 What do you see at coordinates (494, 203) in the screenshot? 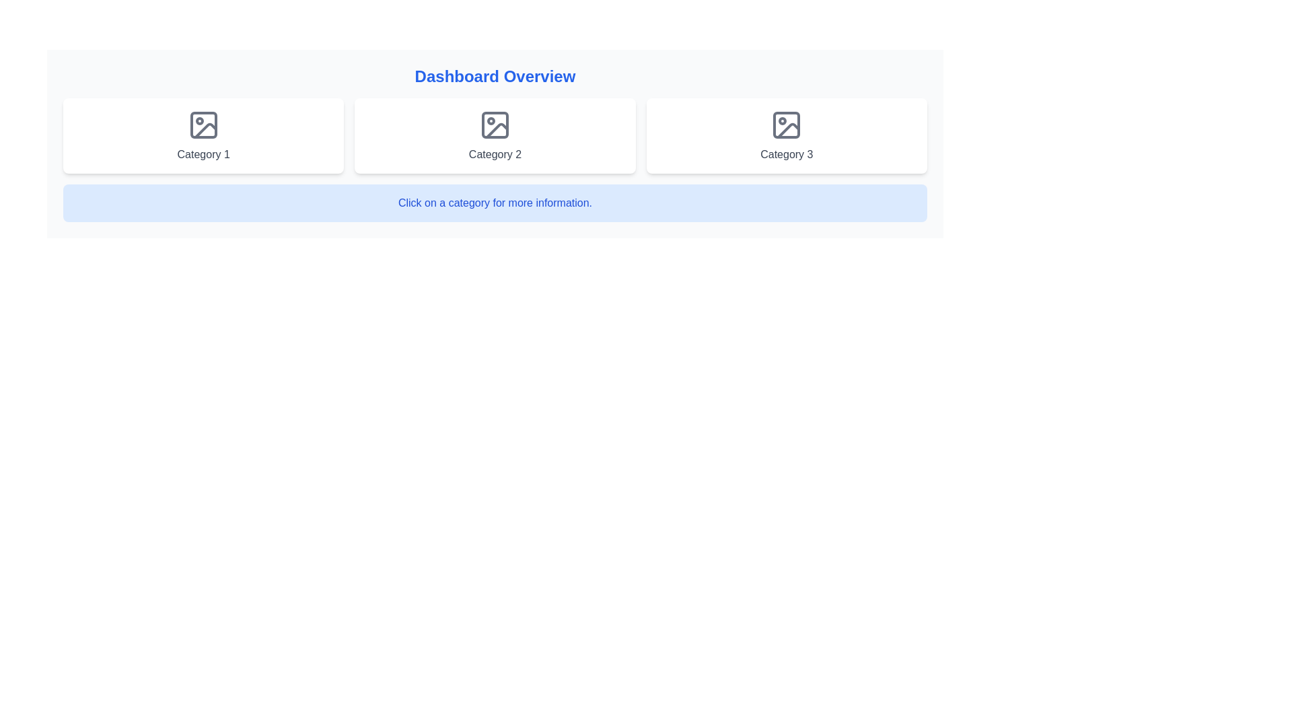
I see `informational text label that is centrally aligned below the category tiles, providing guidance to users` at bounding box center [494, 203].